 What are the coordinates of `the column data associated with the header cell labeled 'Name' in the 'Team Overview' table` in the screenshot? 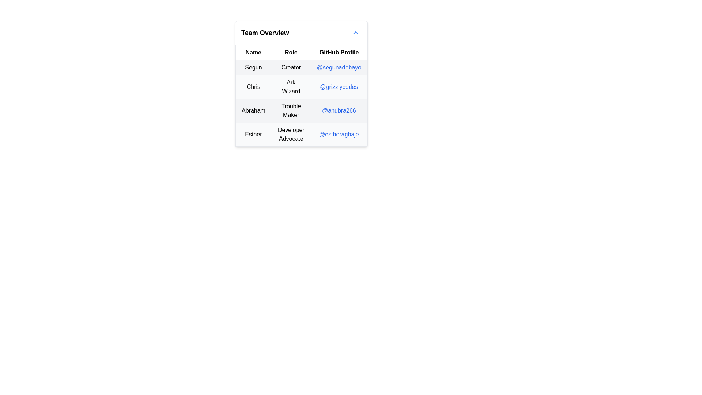 It's located at (253, 52).